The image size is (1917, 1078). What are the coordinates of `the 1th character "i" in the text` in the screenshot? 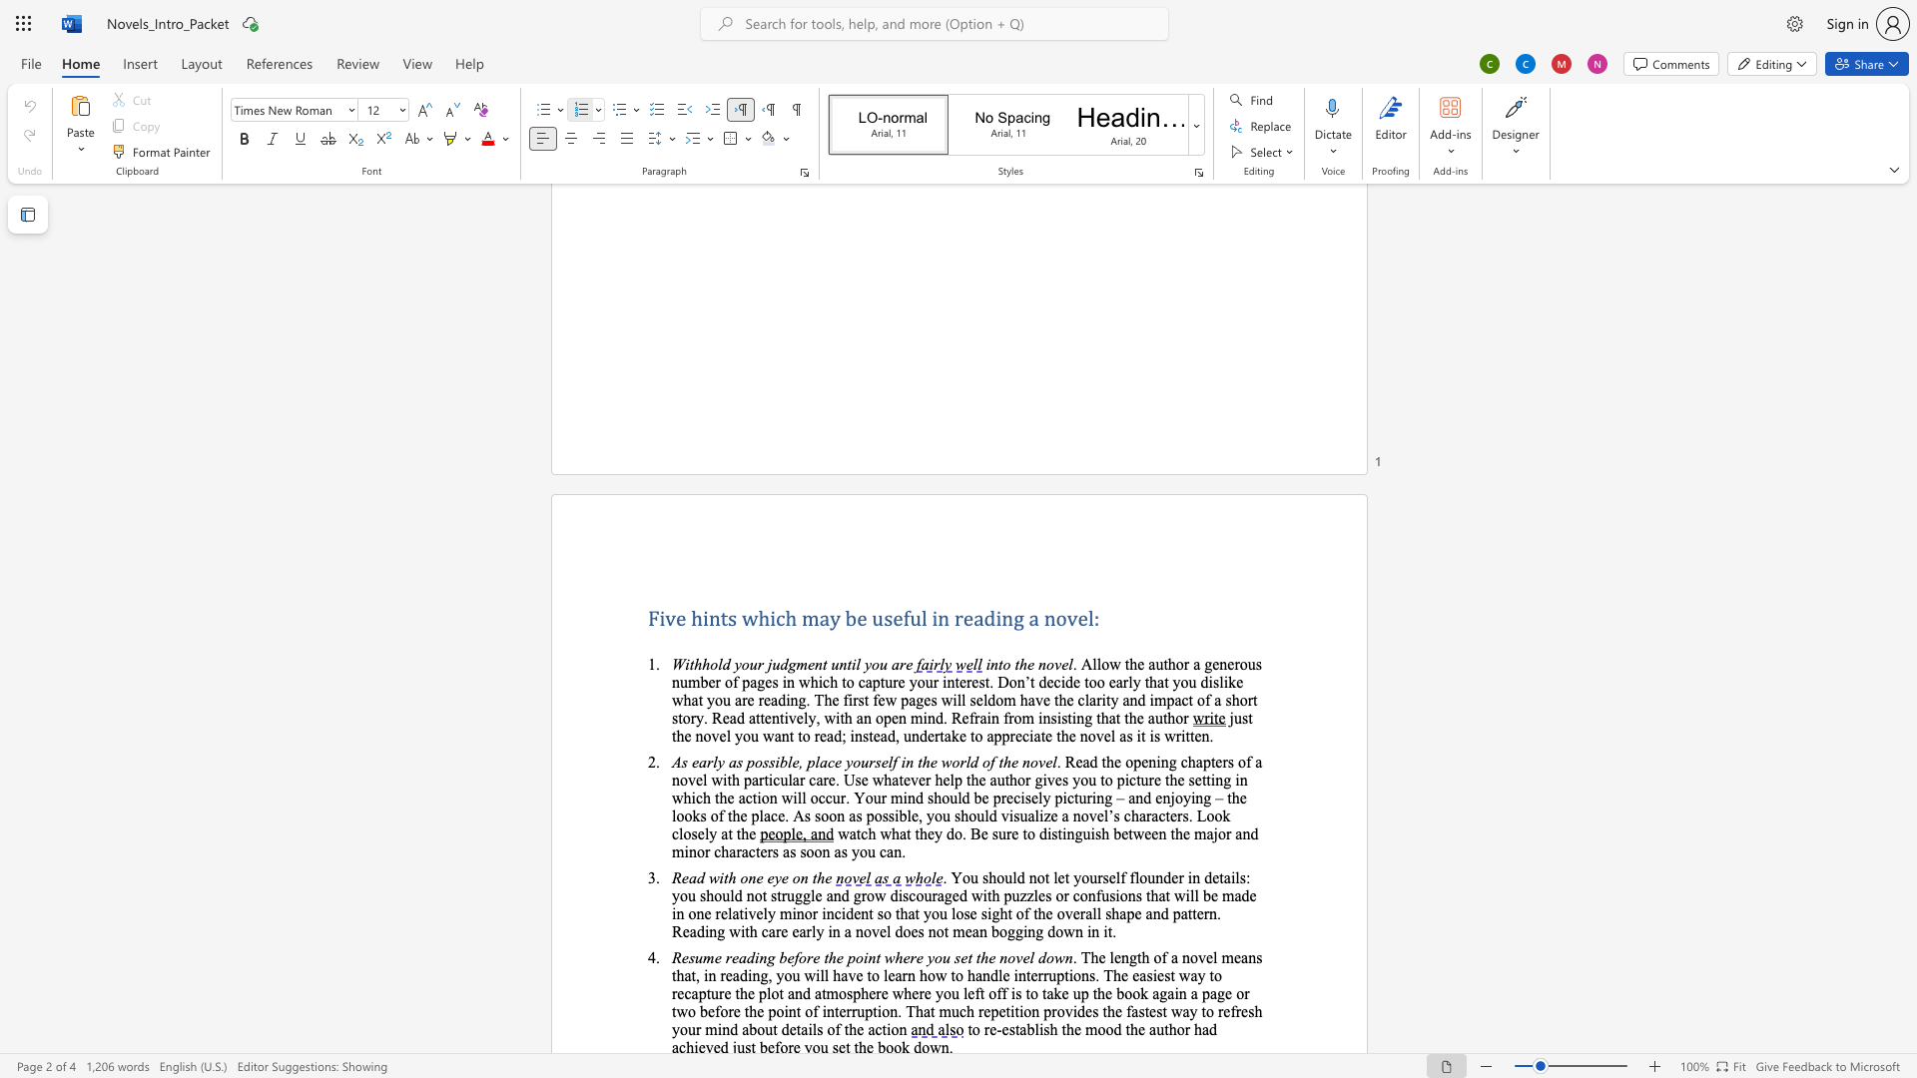 It's located at (719, 1029).